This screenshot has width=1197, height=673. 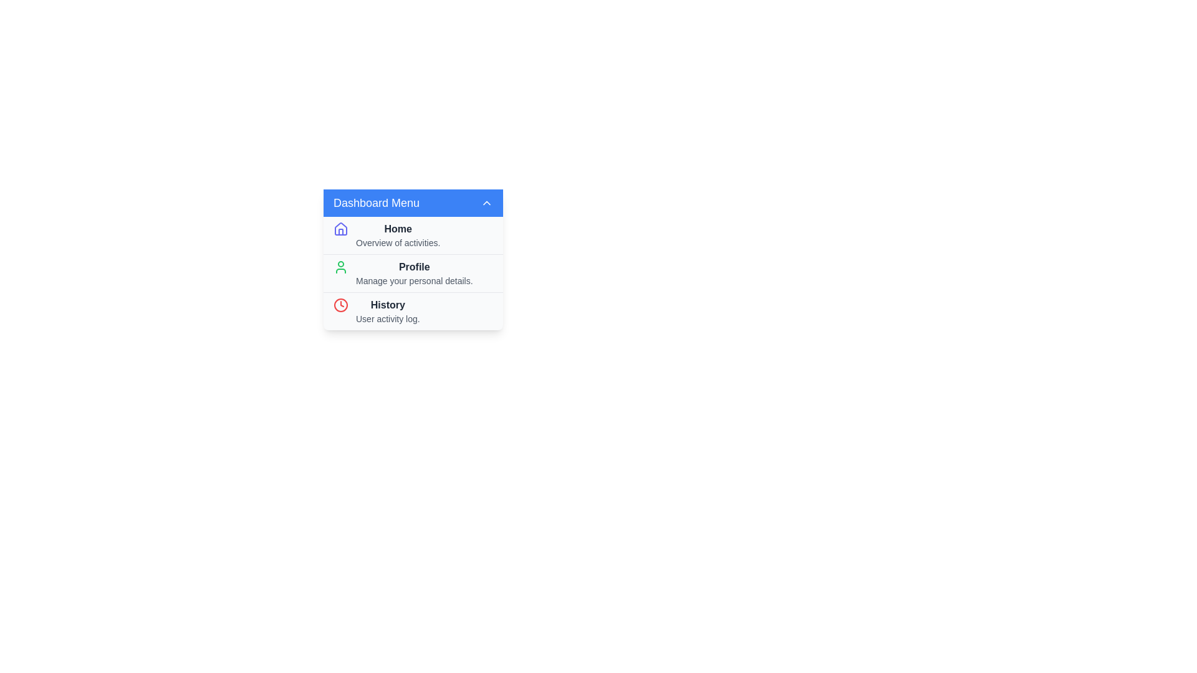 What do you see at coordinates (341, 305) in the screenshot?
I see `the red circular border of the clock icon located at the bottom of the 'History' menu in the dashboard` at bounding box center [341, 305].